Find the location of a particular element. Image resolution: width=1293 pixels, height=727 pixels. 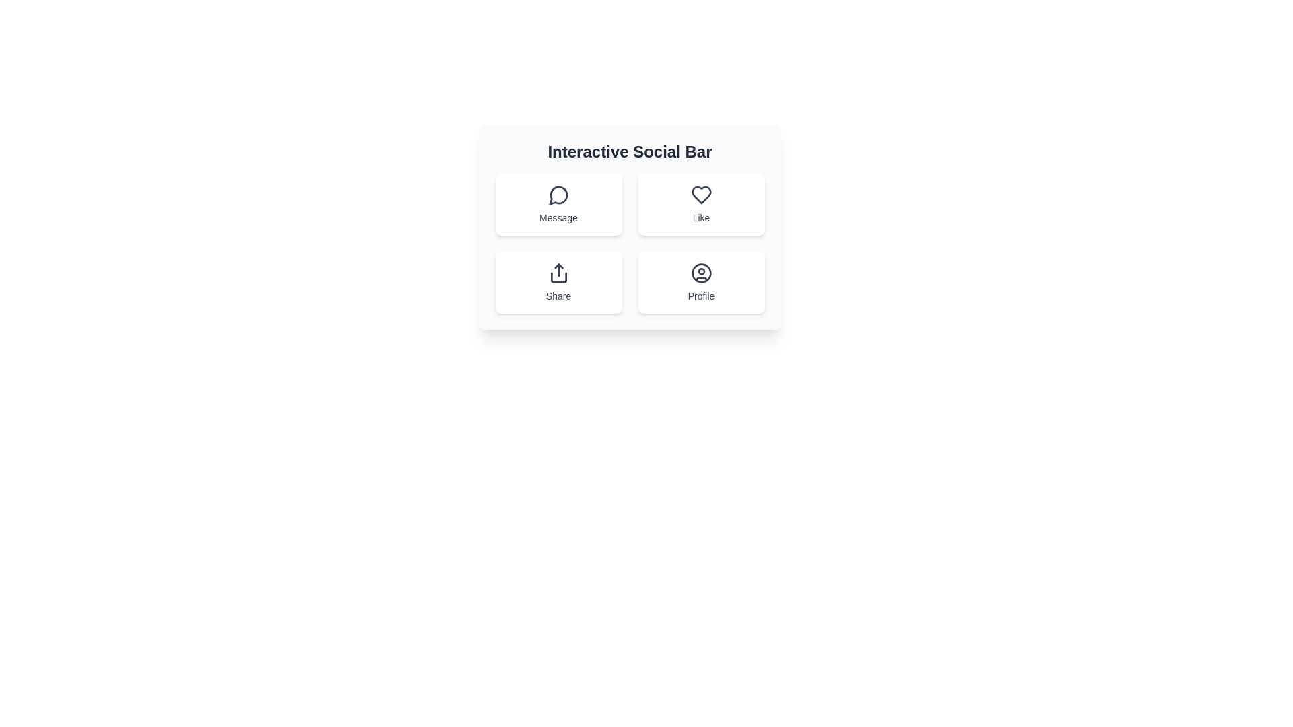

the black outlined heart icon within the 'Like' button located in the top right quadrant of the grid layout in the 'Interactive Social Bar' card is located at coordinates (700, 195).